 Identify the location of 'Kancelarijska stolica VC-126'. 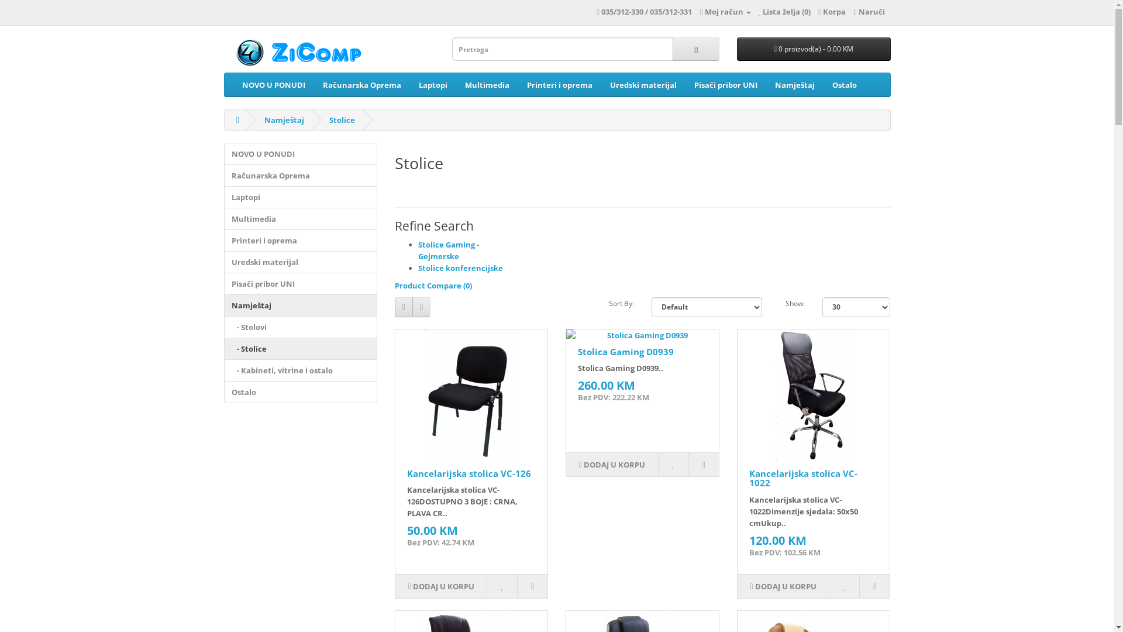
(469, 473).